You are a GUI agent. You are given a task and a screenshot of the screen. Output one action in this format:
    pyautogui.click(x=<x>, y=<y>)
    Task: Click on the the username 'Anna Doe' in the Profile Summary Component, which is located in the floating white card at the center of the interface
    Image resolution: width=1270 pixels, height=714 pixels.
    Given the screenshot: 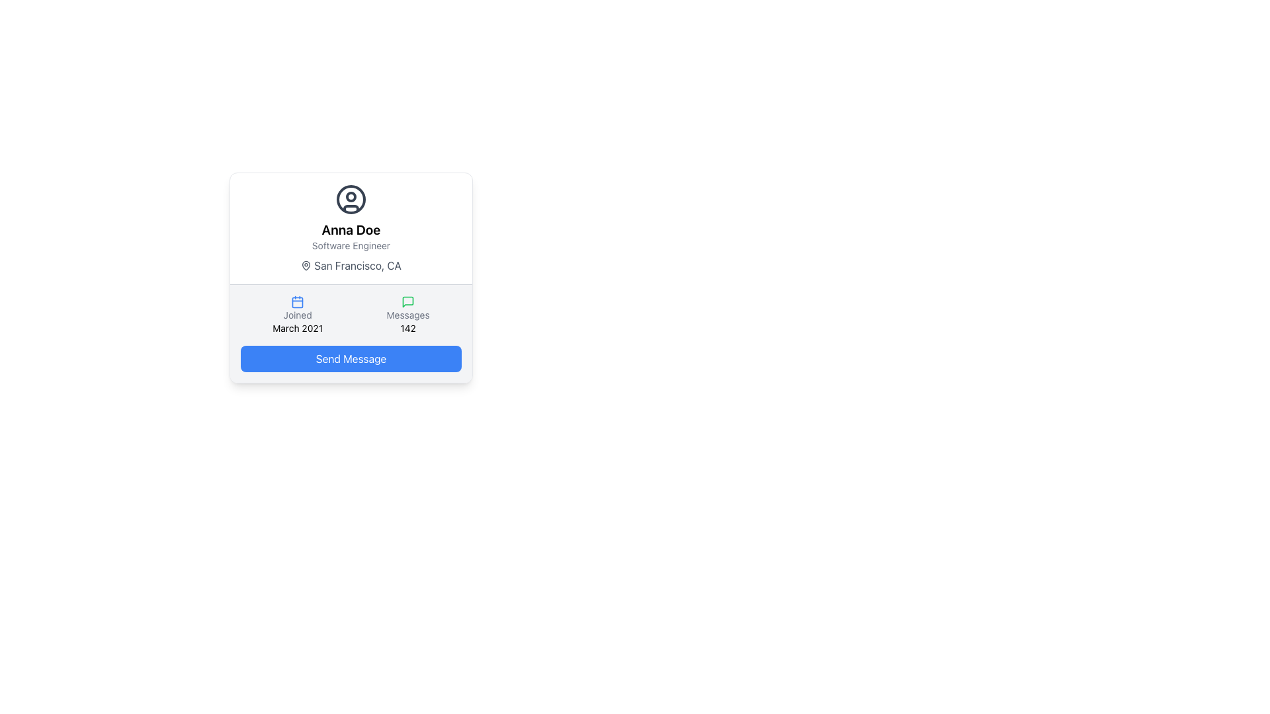 What is the action you would take?
    pyautogui.click(x=351, y=228)
    